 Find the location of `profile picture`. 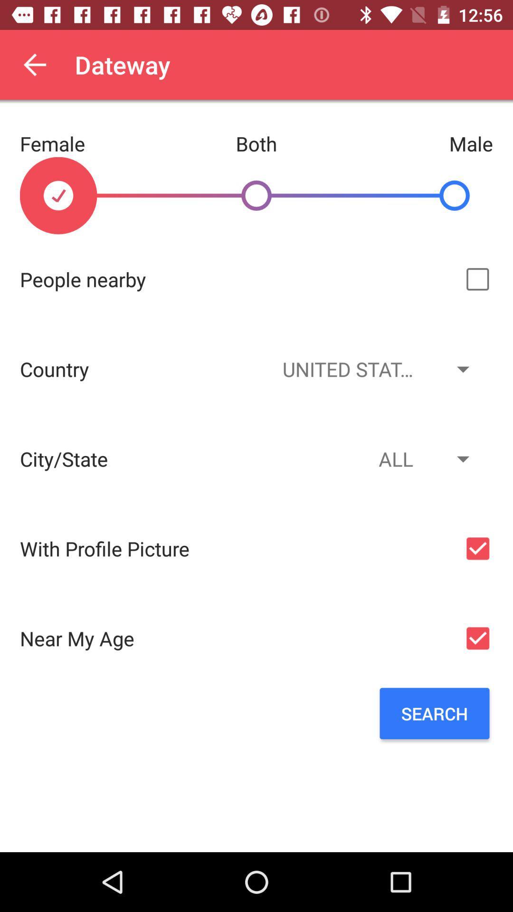

profile picture is located at coordinates (477, 549).